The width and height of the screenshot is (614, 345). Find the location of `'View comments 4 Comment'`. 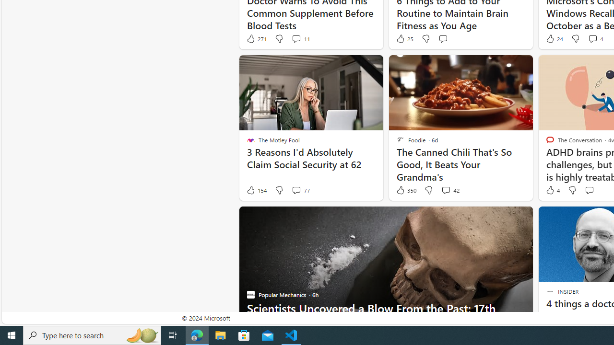

'View comments 4 Comment' is located at coordinates (594, 38).